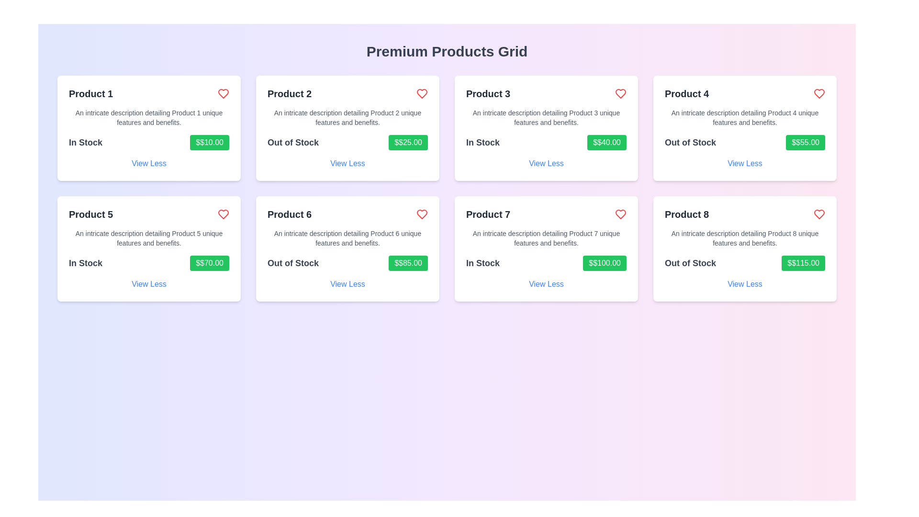  What do you see at coordinates (546, 163) in the screenshot?
I see `the blue-colored hyperlink labeled 'View Less' located at the bottom right of the 'Product 3' card` at bounding box center [546, 163].